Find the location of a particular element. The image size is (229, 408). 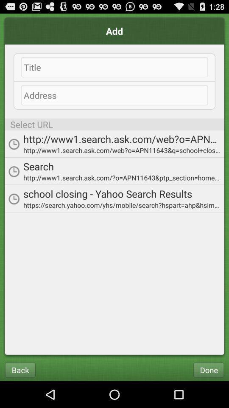

back icon is located at coordinates (20, 369).